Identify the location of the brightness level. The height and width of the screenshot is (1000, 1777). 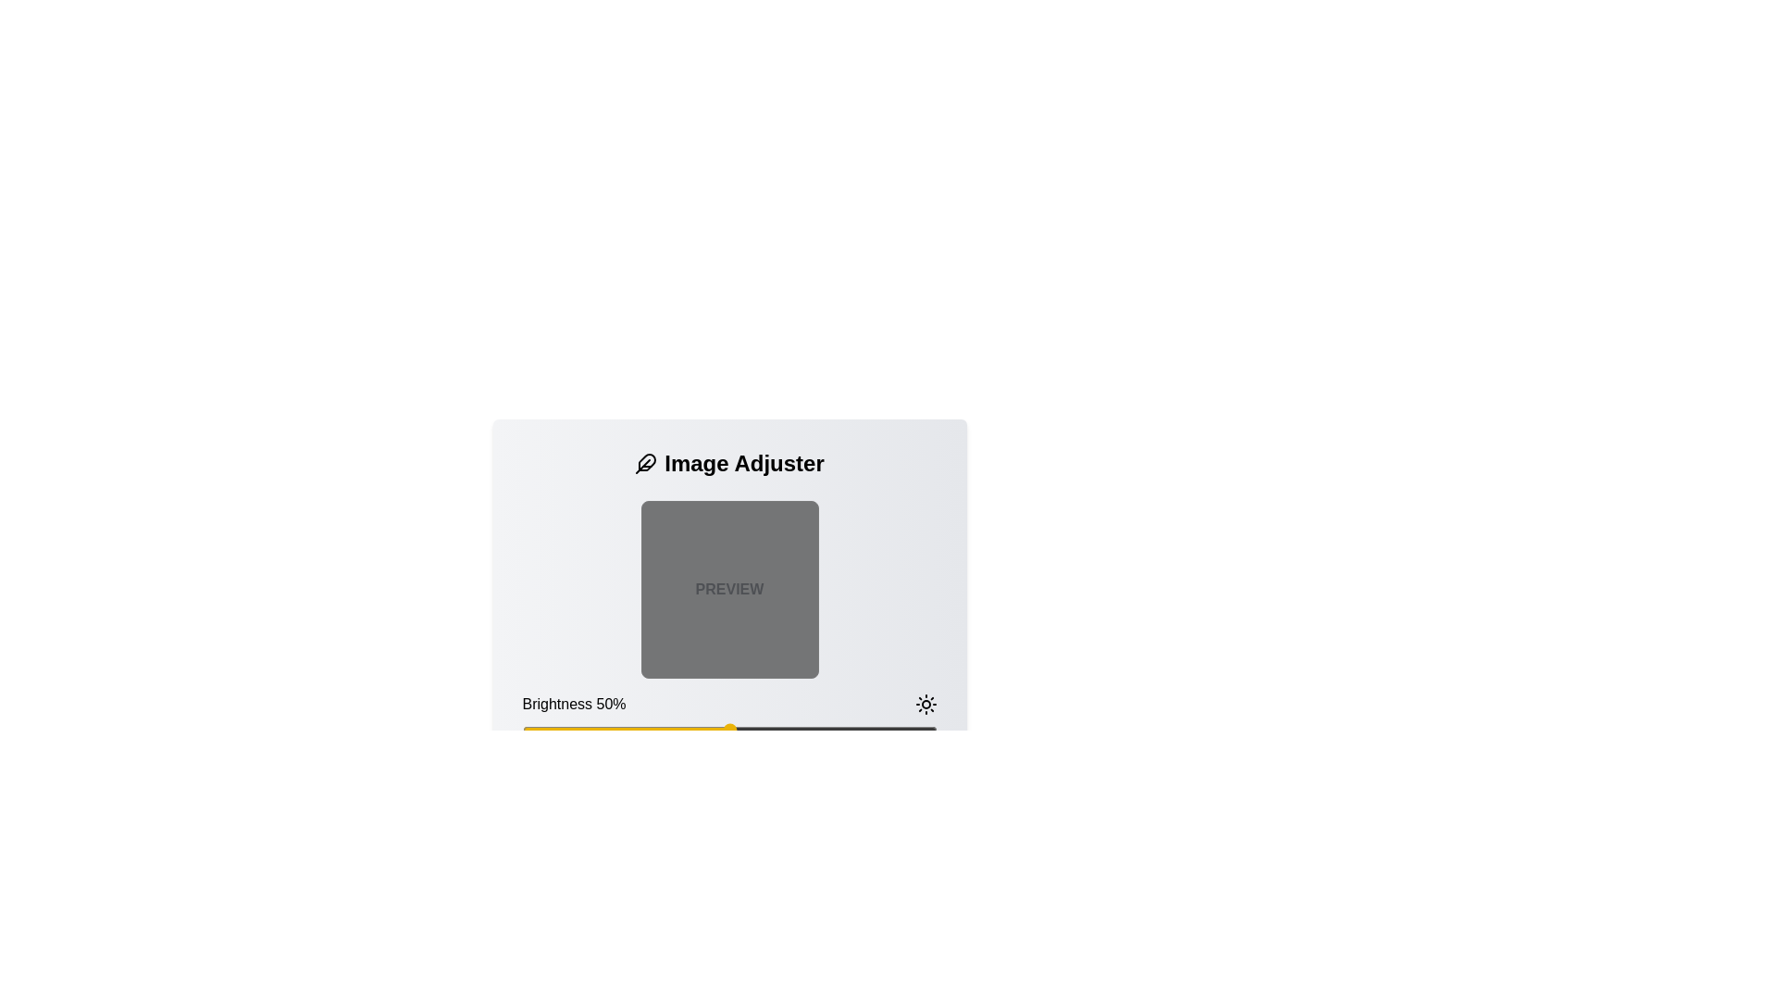
(788, 730).